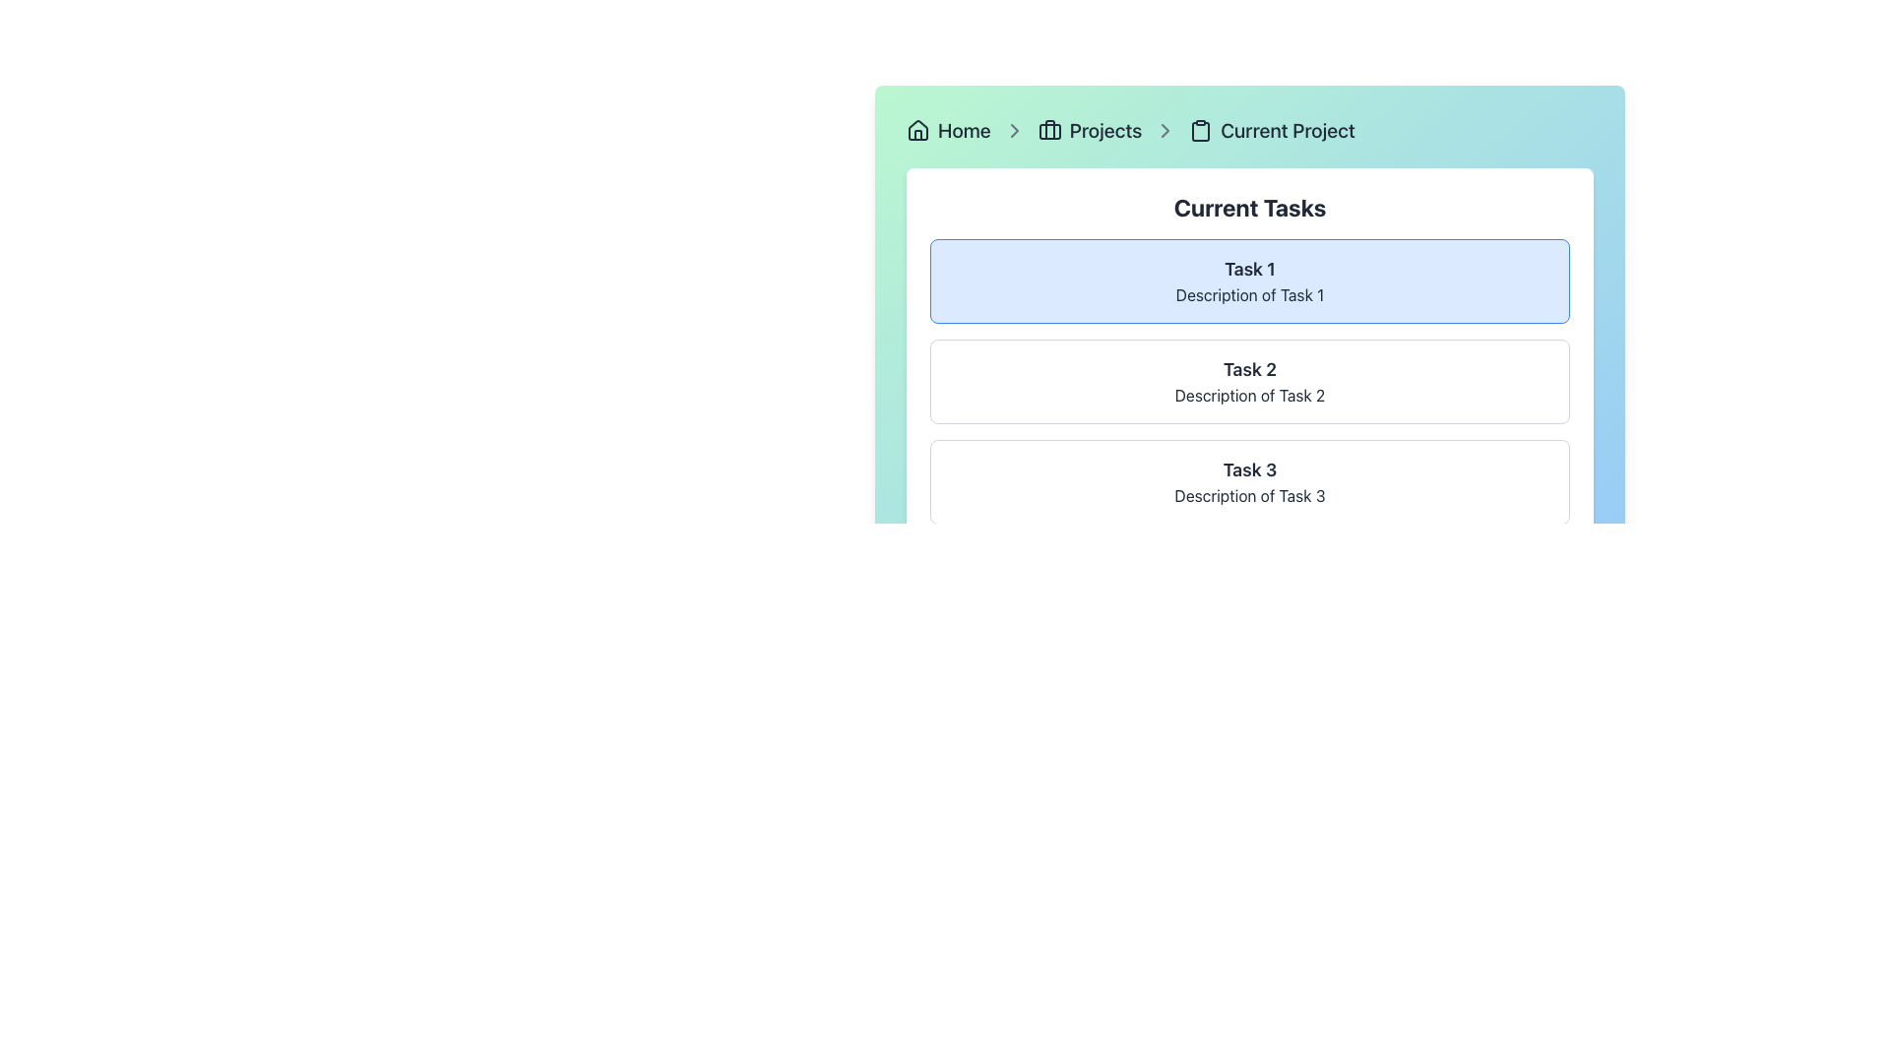 The width and height of the screenshot is (1890, 1063). I want to click on the right-pointing chevron arrow icon in the breadcrumb navigation bar, which is gray and outlined, located between 'Home' and 'Projects', so click(1014, 130).